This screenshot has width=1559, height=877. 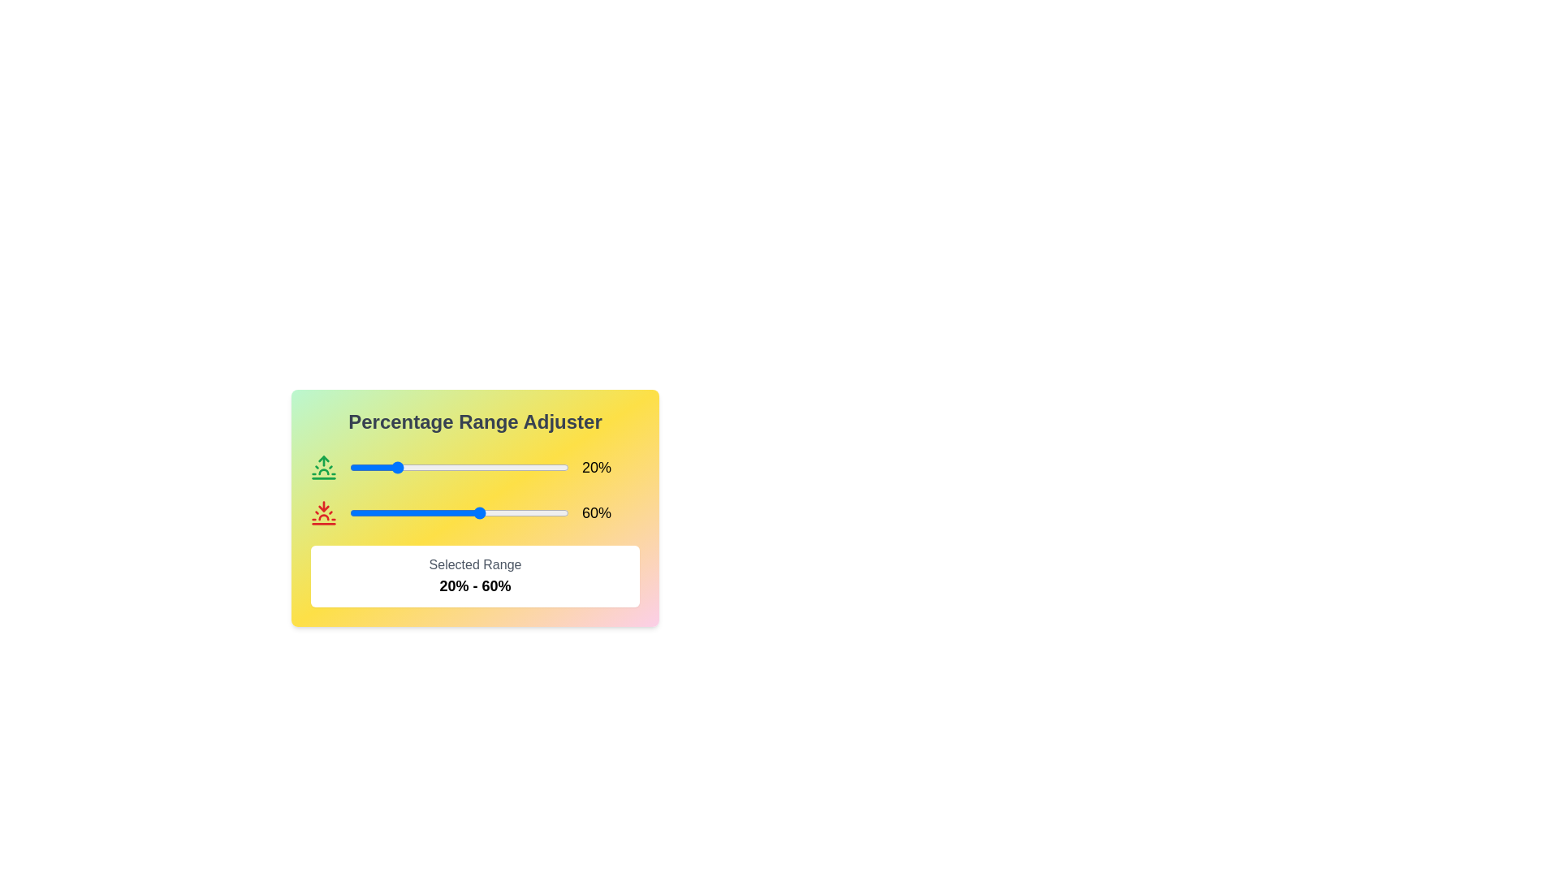 I want to click on the slider, so click(x=499, y=513).